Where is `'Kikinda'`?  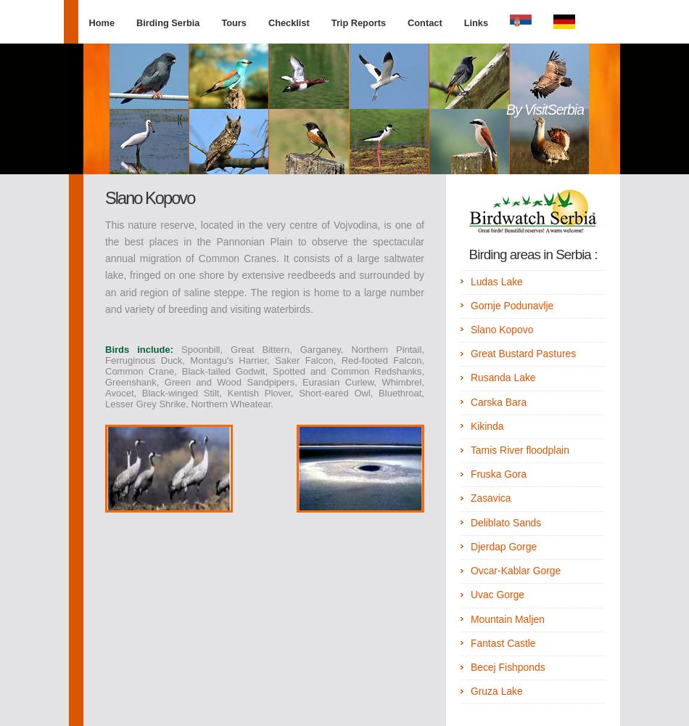 'Kikinda' is located at coordinates (469, 425).